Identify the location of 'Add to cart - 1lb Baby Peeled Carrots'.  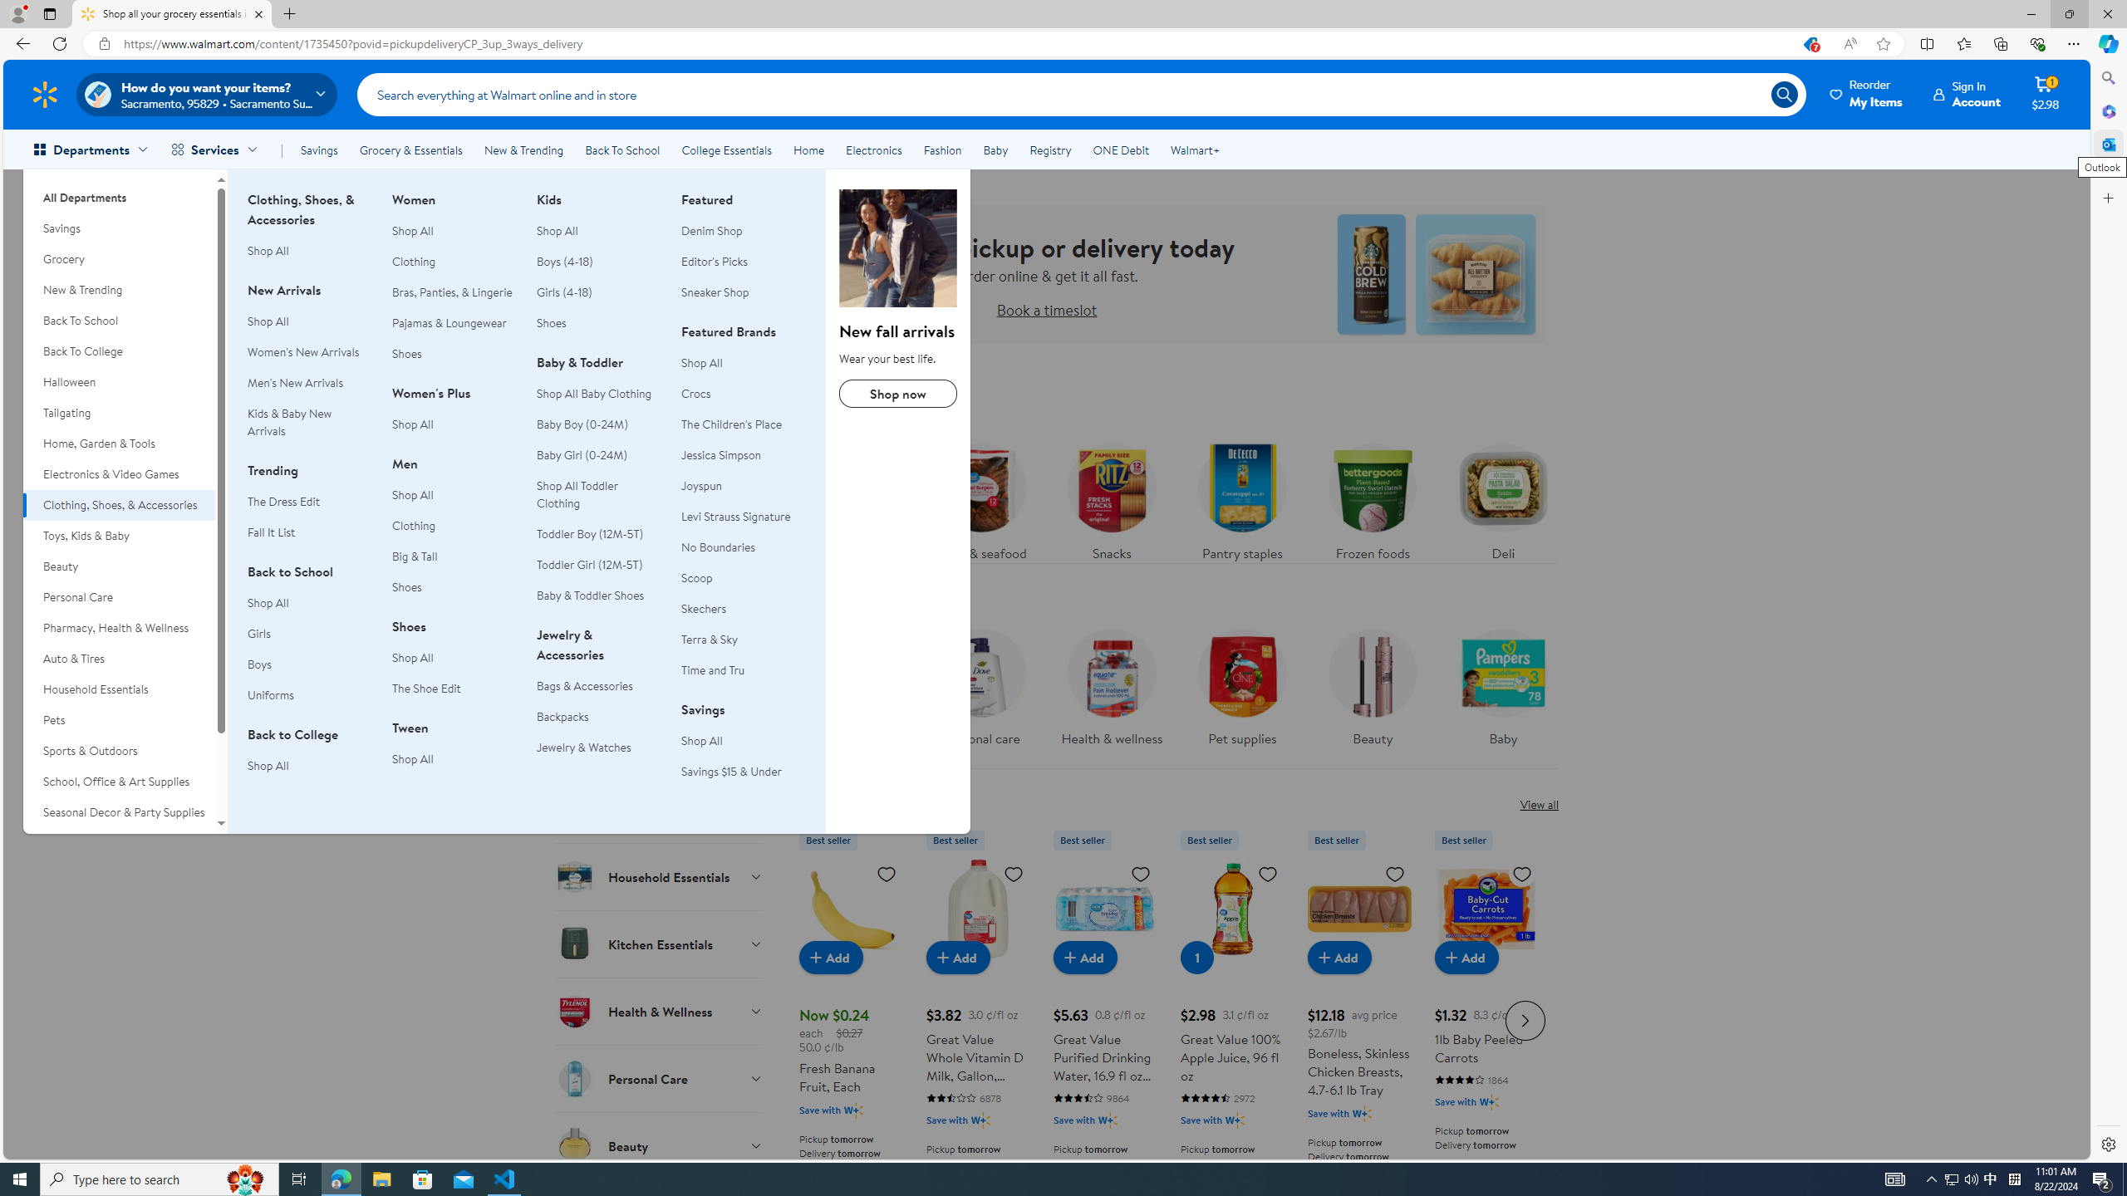
(1466, 957).